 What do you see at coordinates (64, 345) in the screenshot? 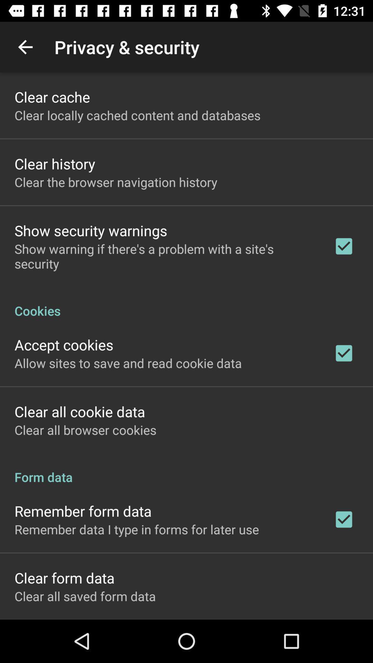
I see `accept cookies` at bounding box center [64, 345].